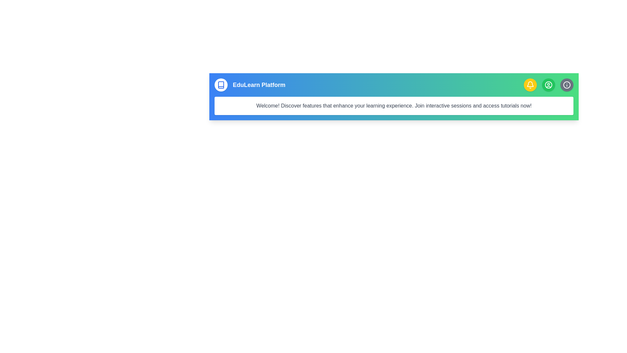 This screenshot has height=353, width=627. What do you see at coordinates (549, 84) in the screenshot?
I see `the user icon button to access user account settings` at bounding box center [549, 84].